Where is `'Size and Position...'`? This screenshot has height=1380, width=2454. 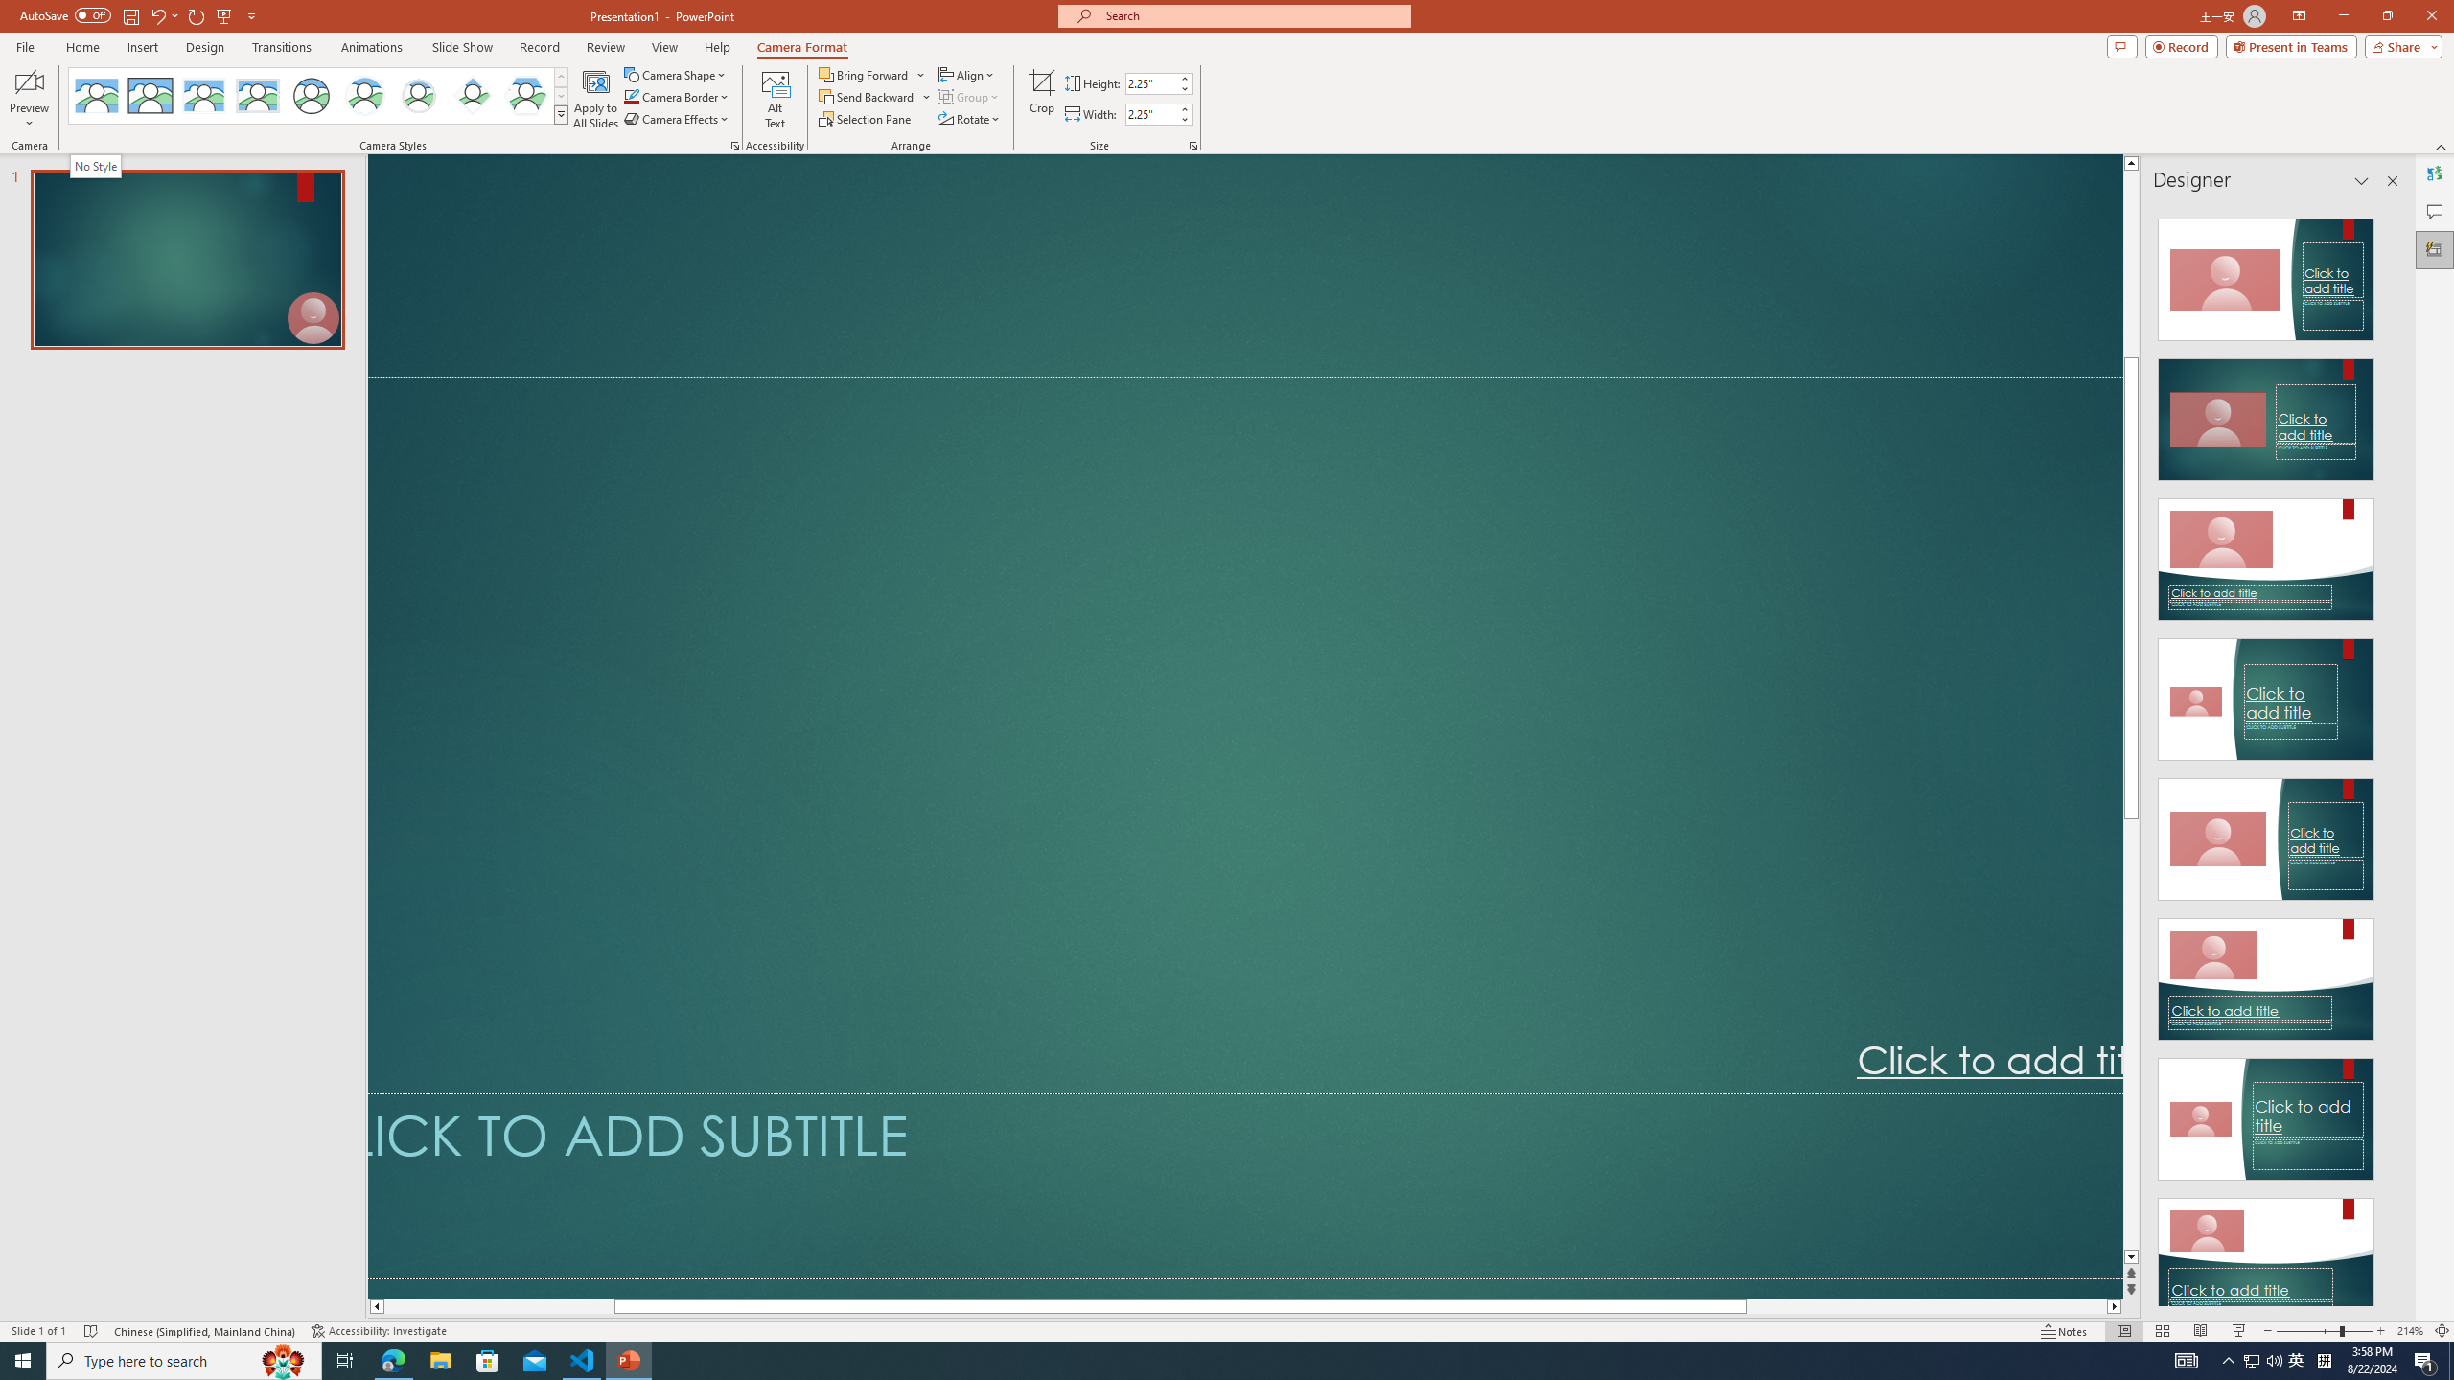 'Size and Position...' is located at coordinates (1192, 144).